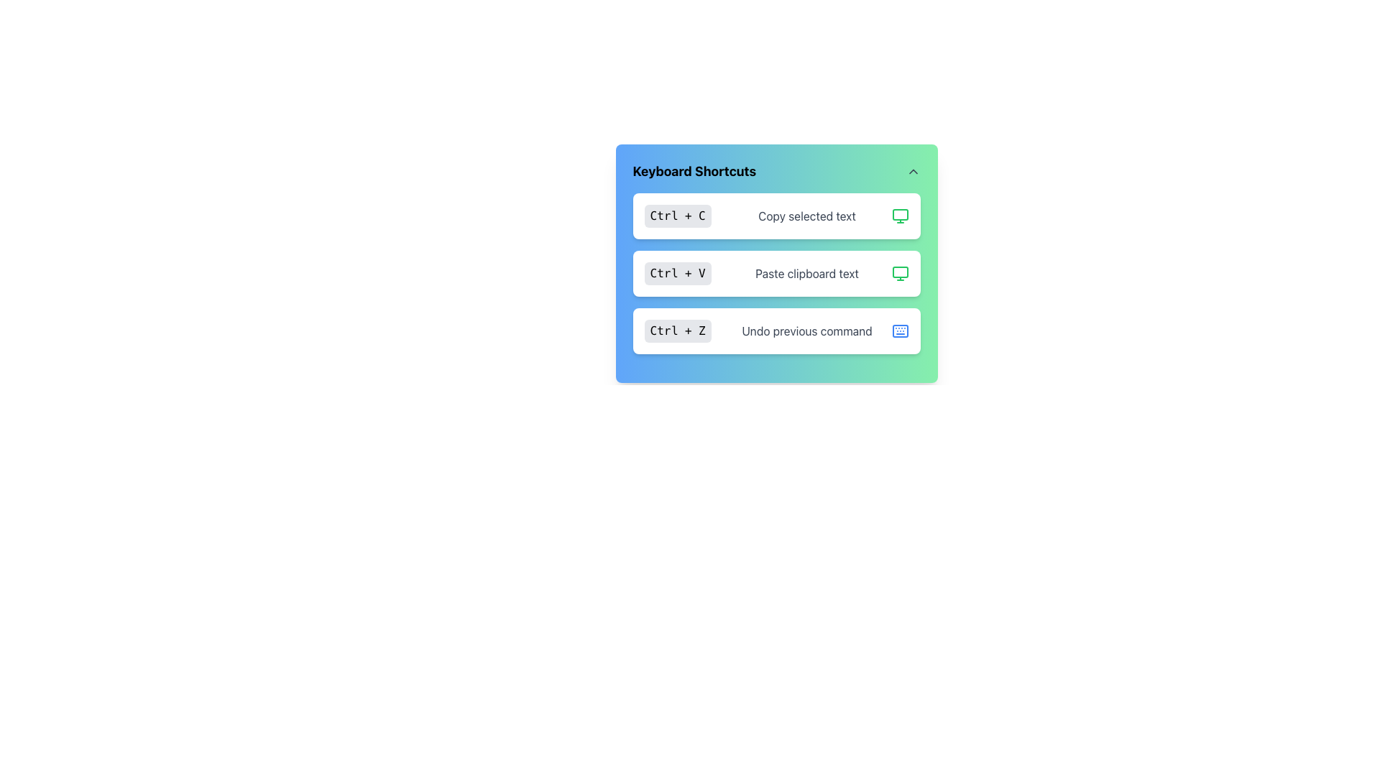 The width and height of the screenshot is (1380, 776). What do you see at coordinates (899, 331) in the screenshot?
I see `the blue keyboard icon with rounded corners located at the far right of the row containing 'Ctrl + Z' and the description 'Undo previous command.'` at bounding box center [899, 331].